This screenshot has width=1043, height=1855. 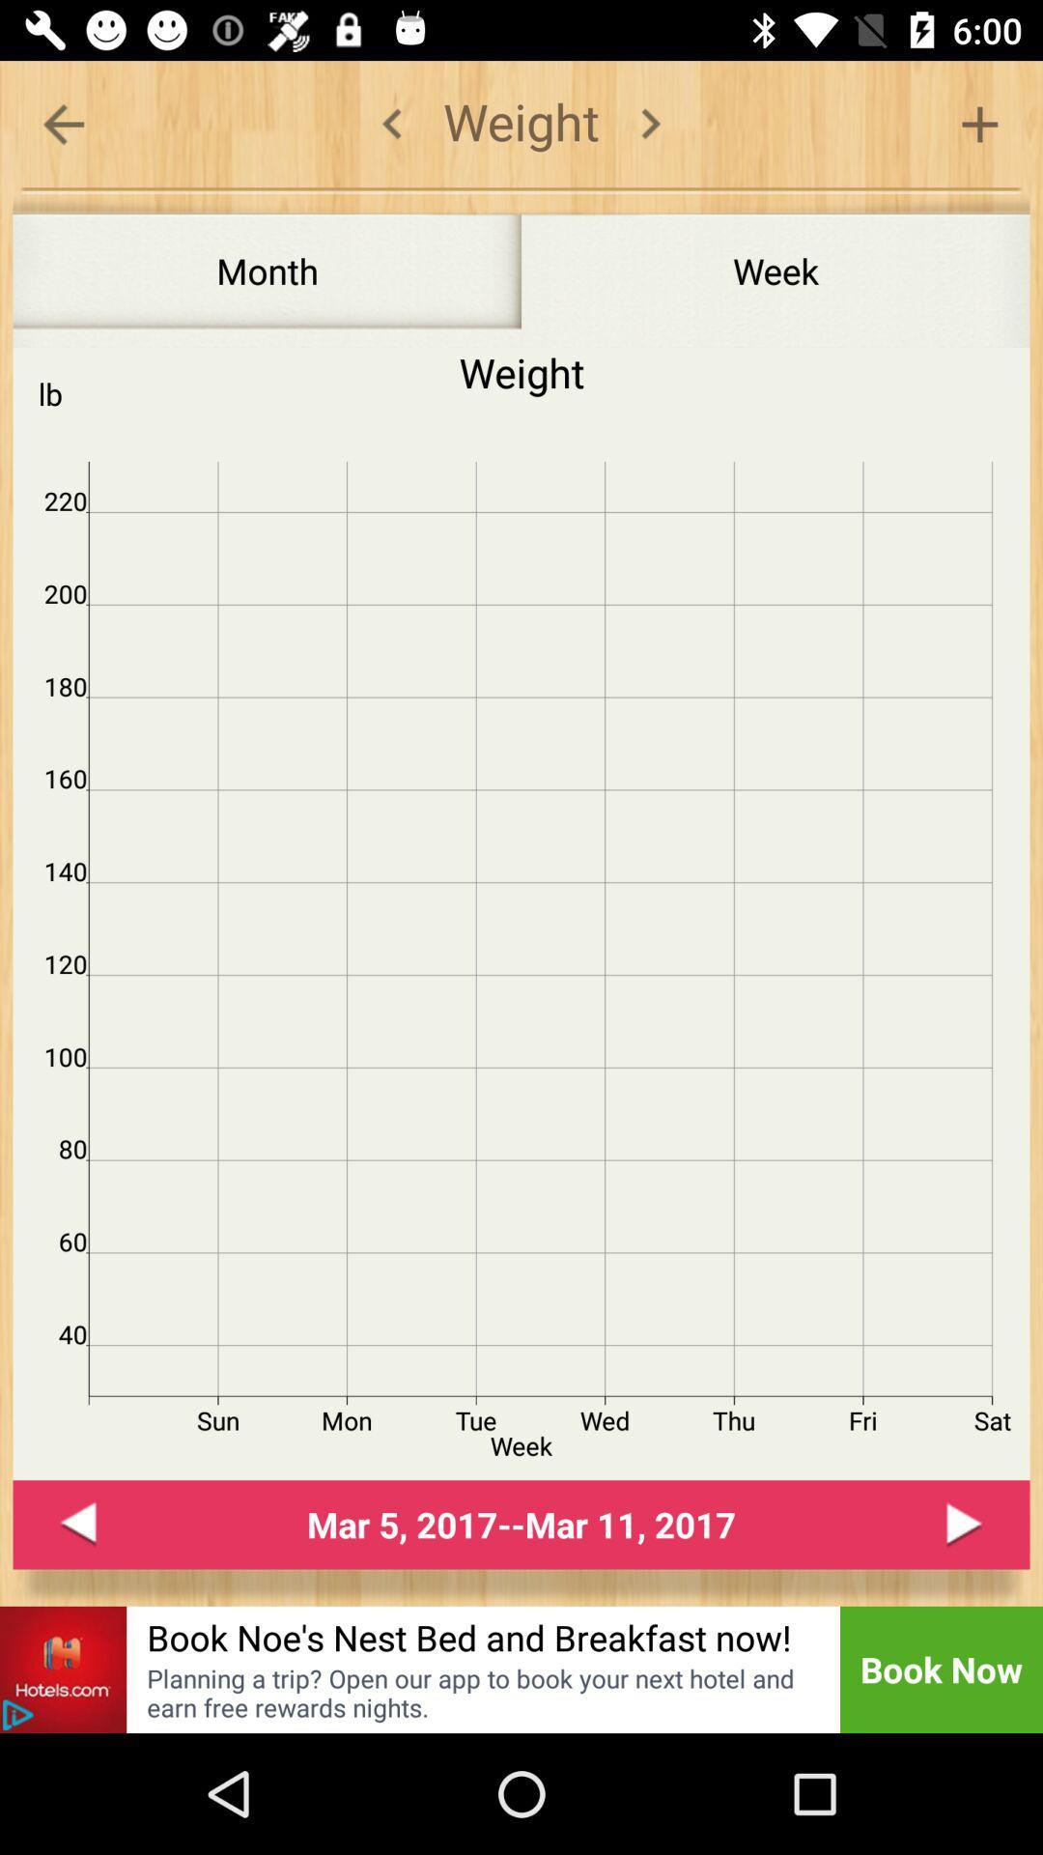 I want to click on advertisement page, so click(x=17, y=1715).